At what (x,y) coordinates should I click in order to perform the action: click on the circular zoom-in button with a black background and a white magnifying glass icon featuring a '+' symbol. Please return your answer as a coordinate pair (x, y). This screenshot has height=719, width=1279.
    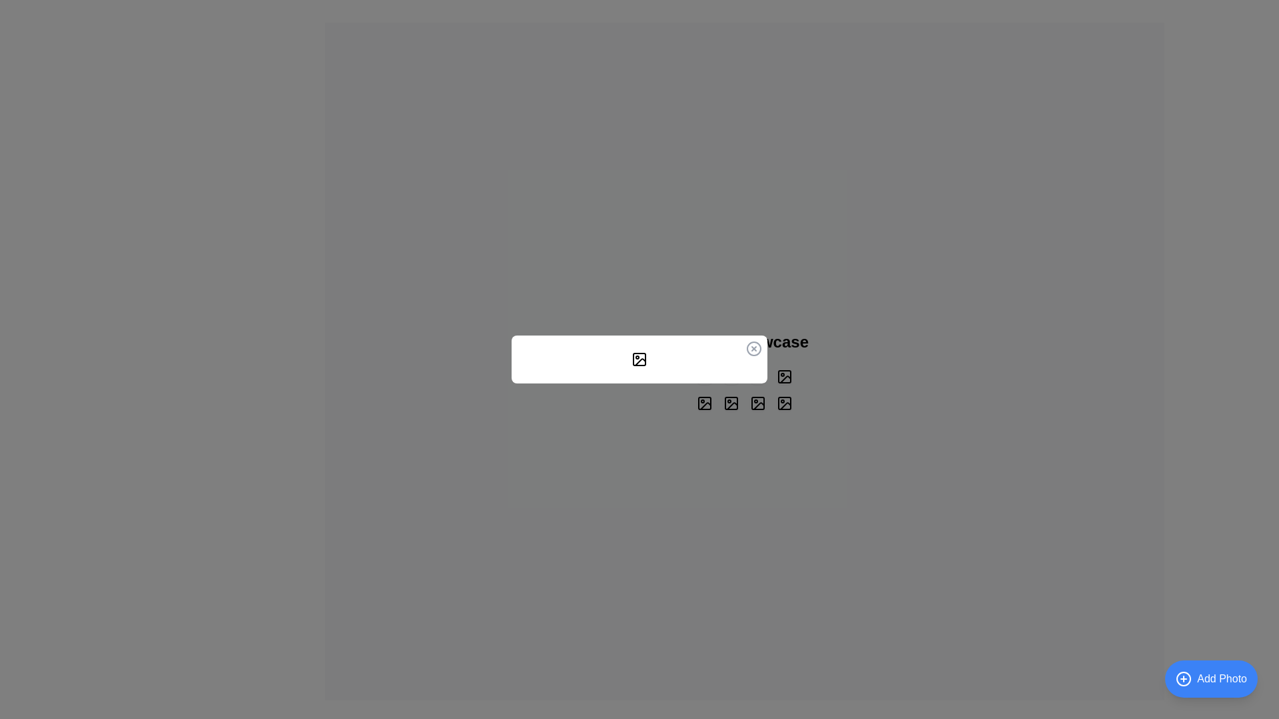
    Looking at the image, I should click on (784, 402).